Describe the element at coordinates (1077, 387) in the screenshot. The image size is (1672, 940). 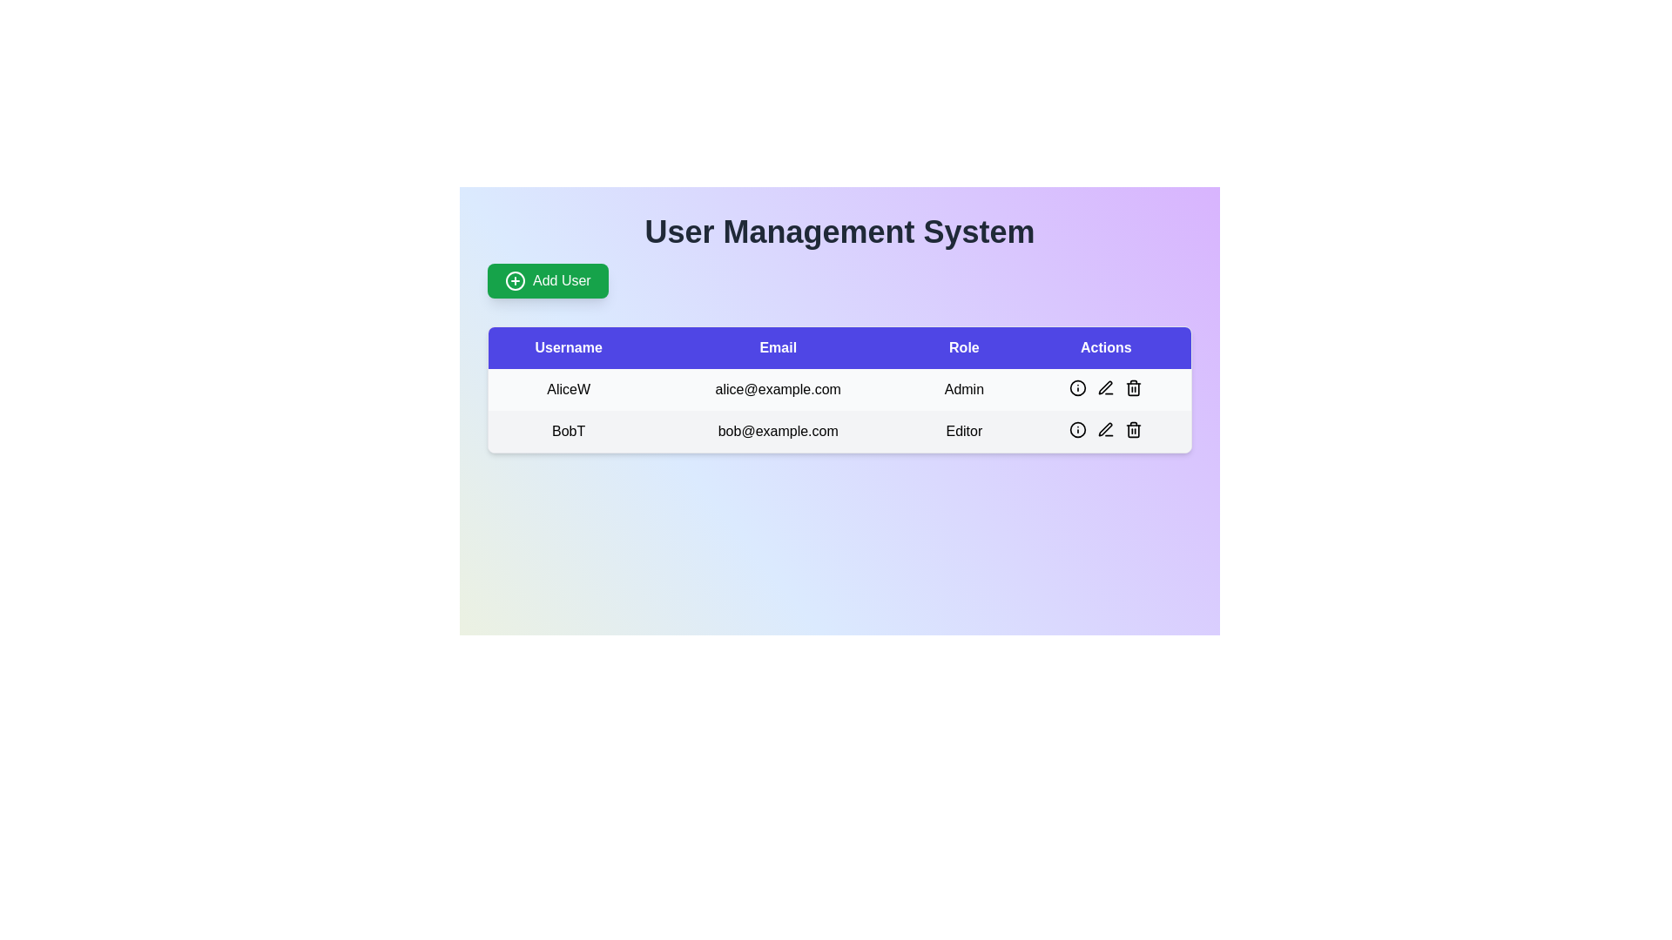
I see `the Circle SVG element in the 'Actions' column of the 'User Management System' interface, located in the second row corresponding to user 'BobT'` at that location.